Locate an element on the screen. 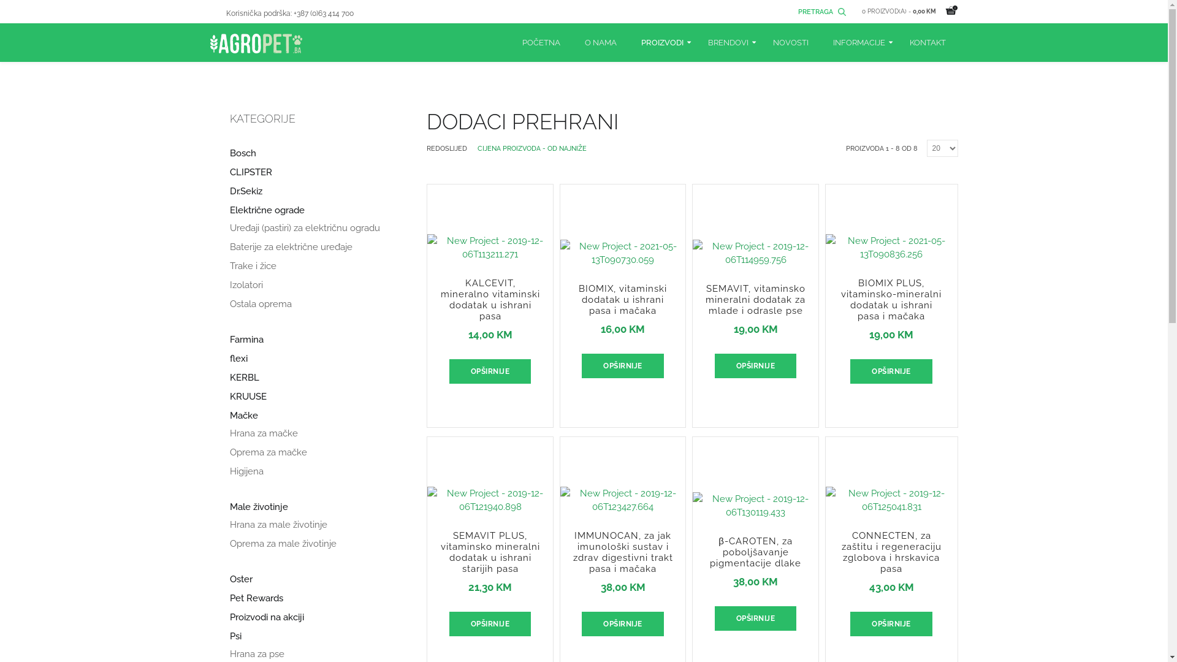 This screenshot has width=1177, height=662. 'KERBL' is located at coordinates (244, 377).